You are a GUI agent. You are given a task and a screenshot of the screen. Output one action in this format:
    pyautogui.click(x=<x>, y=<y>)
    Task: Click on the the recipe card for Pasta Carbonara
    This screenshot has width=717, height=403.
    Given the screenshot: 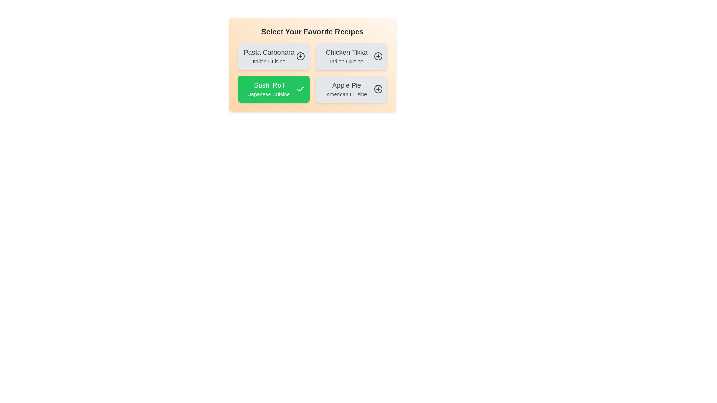 What is the action you would take?
    pyautogui.click(x=273, y=56)
    